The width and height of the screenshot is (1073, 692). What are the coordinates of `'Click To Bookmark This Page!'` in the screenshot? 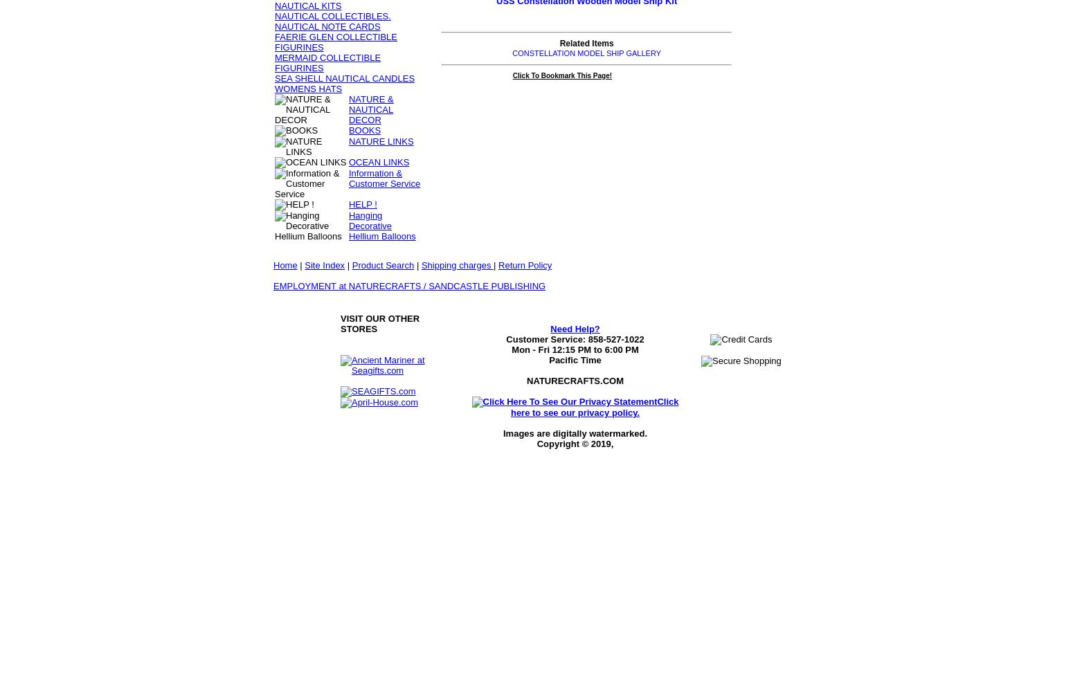 It's located at (561, 75).